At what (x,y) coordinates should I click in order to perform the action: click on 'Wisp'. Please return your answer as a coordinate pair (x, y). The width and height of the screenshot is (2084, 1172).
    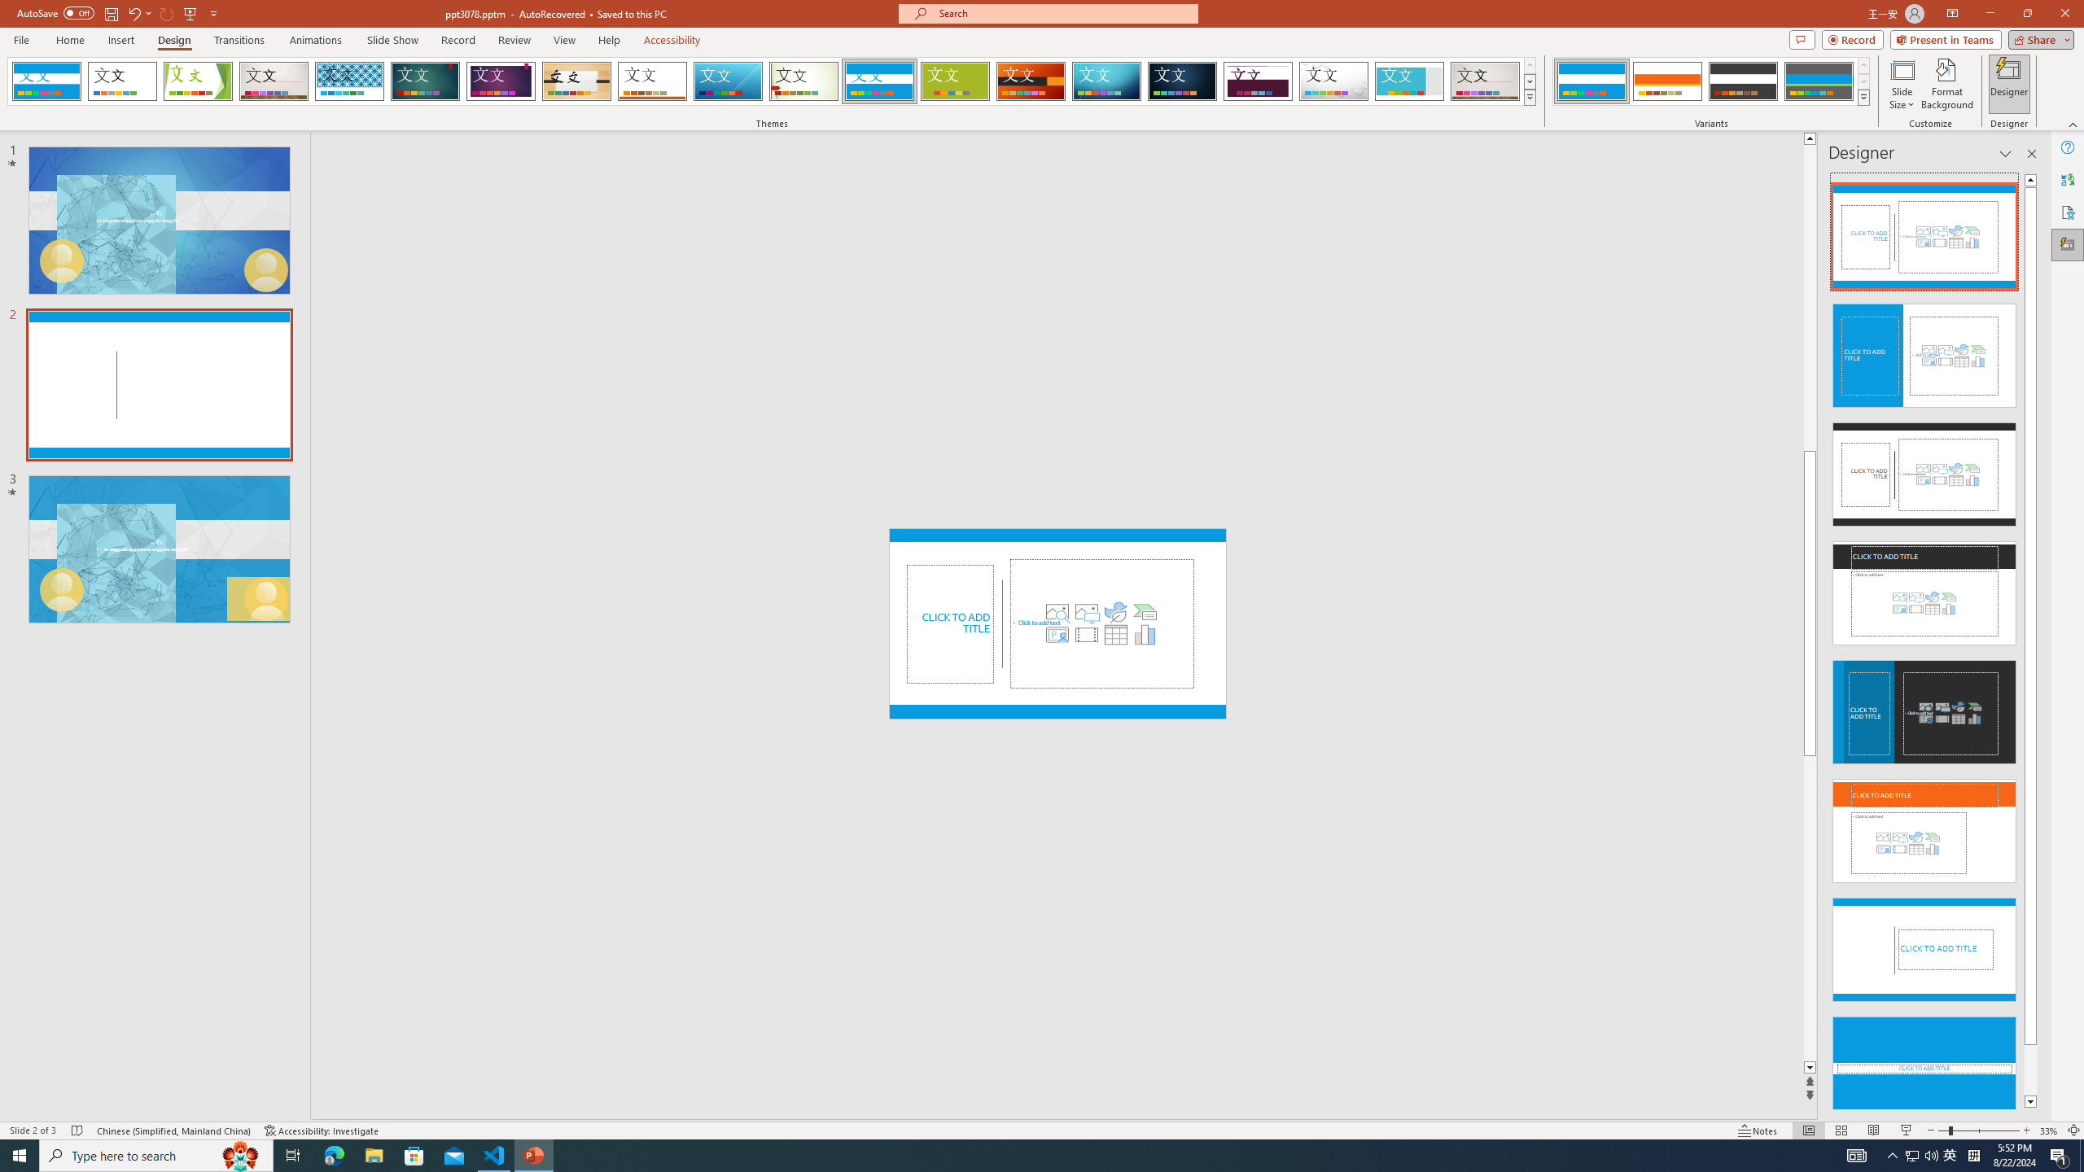
    Looking at the image, I should click on (803, 81).